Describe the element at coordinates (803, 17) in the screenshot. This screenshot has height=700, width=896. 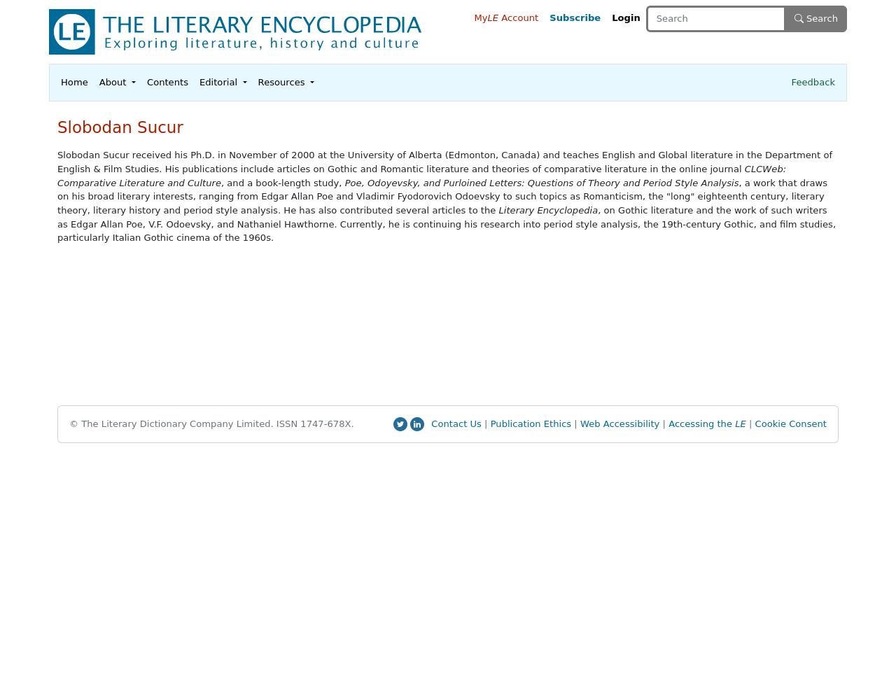
I see `'Search'` at that location.